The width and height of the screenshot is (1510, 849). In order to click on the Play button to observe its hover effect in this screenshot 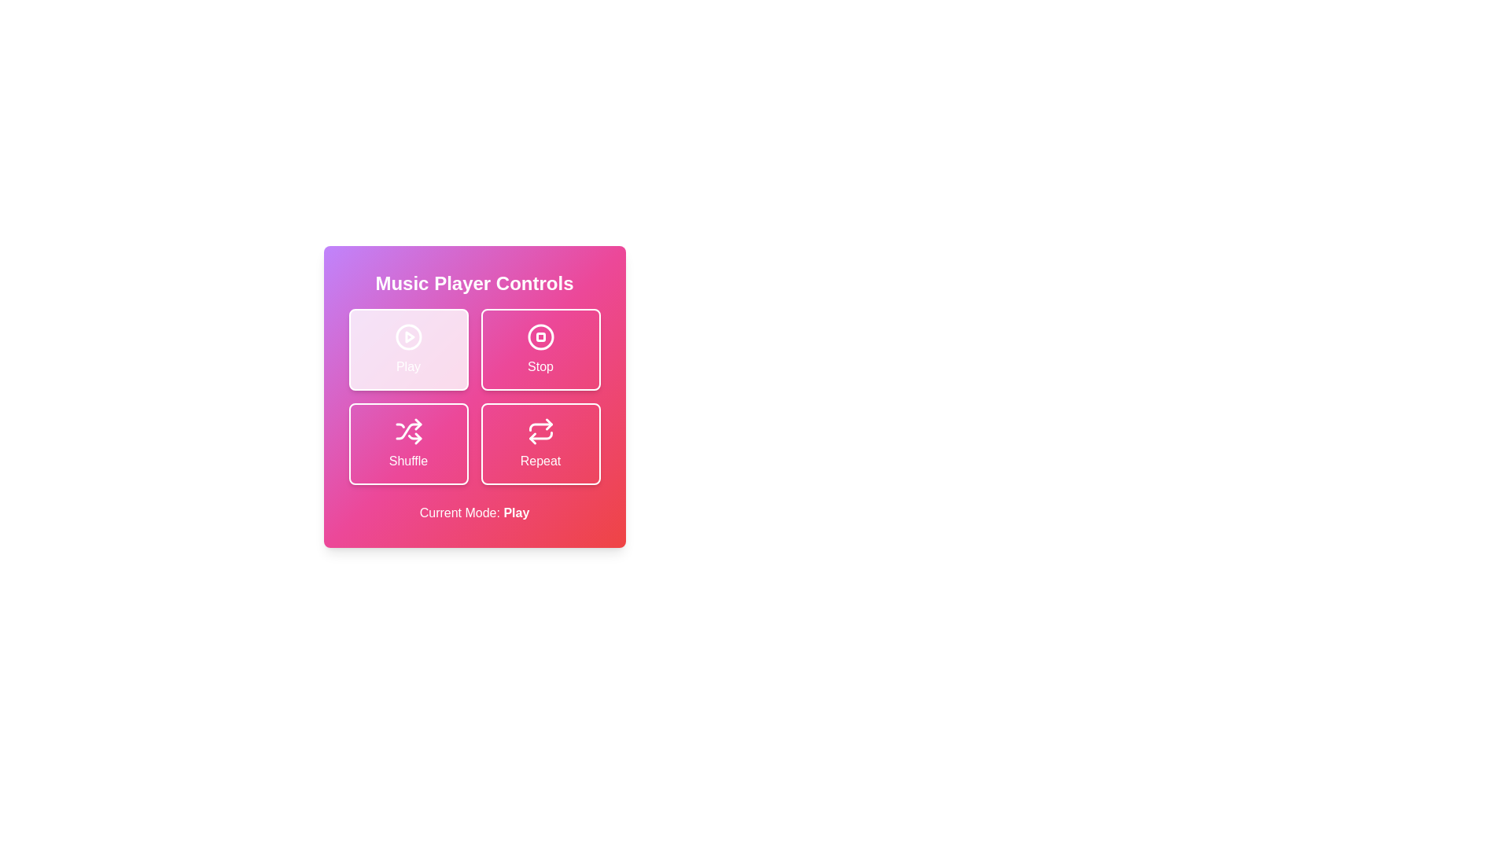, I will do `click(408, 348)`.